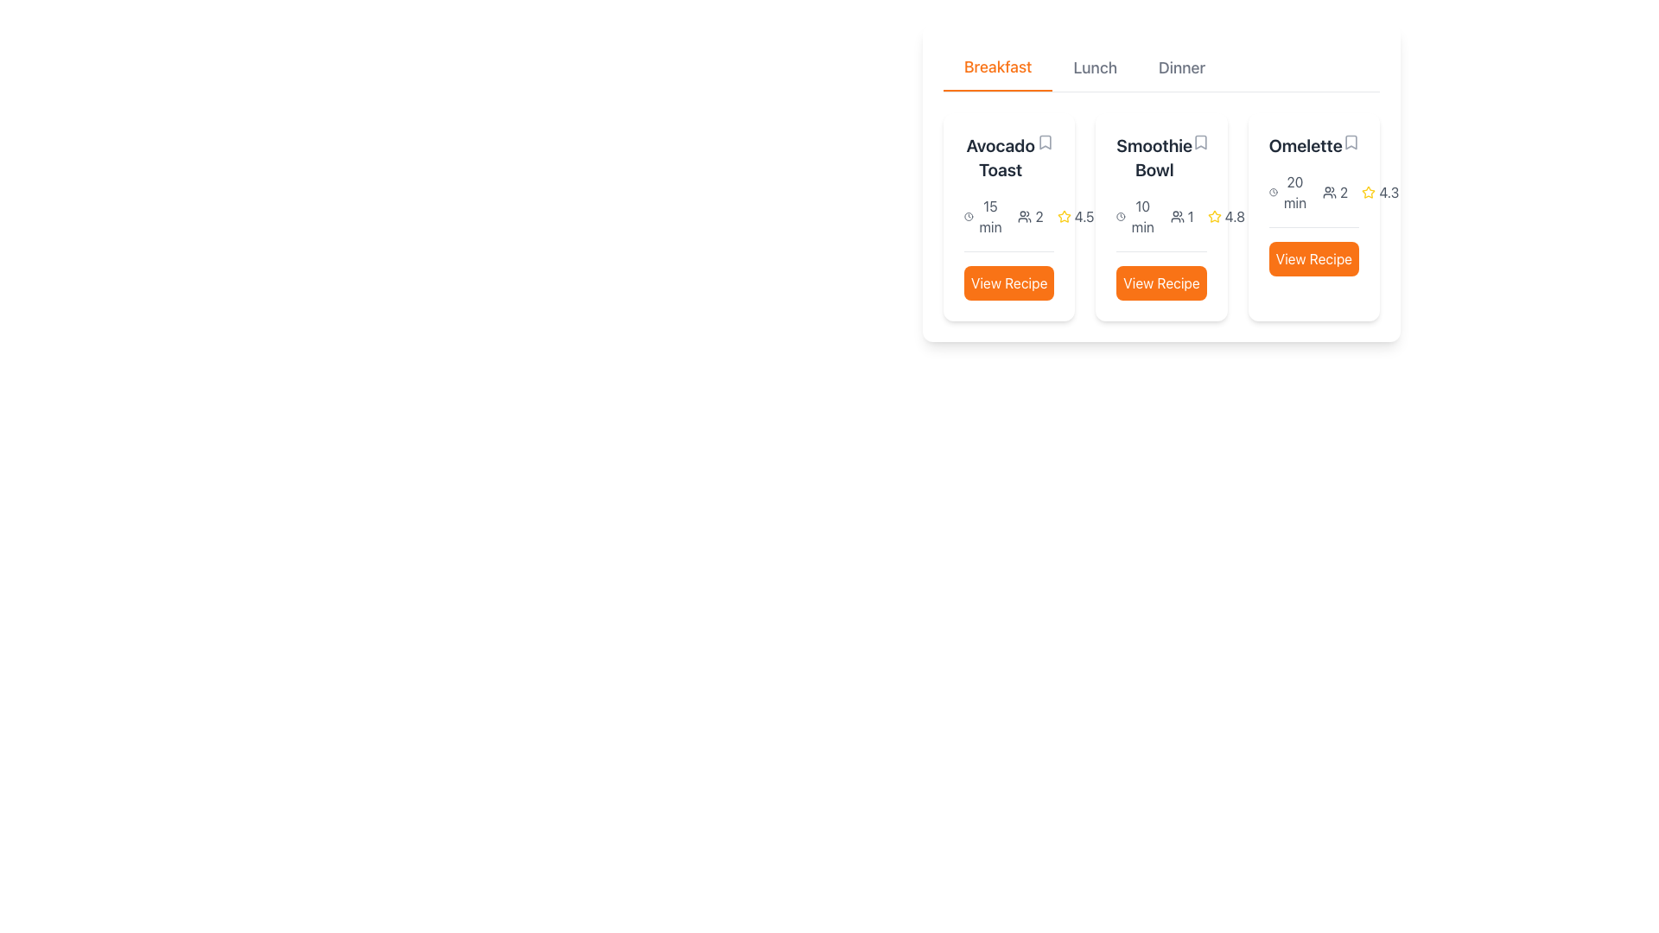 This screenshot has height=933, width=1659. What do you see at coordinates (1200, 142) in the screenshot?
I see `the bookmark icon button located adjacent to the 'Smoothie Bowl' text in the second card of the 'Breakfast' section` at bounding box center [1200, 142].